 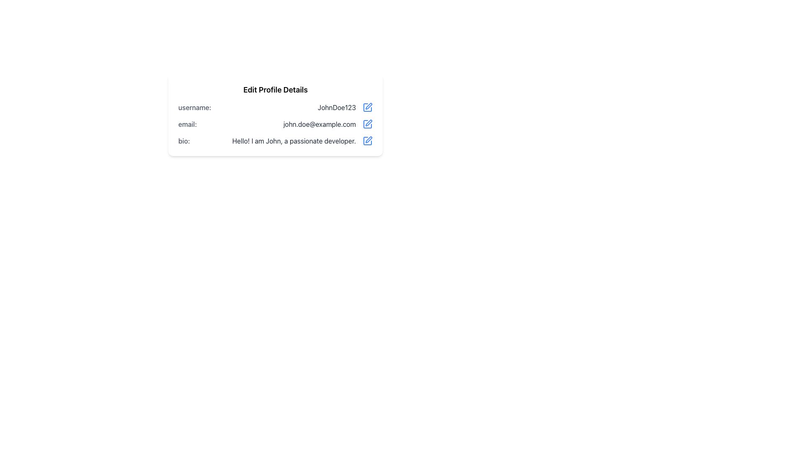 What do you see at coordinates (275, 124) in the screenshot?
I see `the email field in the profile information display panel, which is located below the 'Edit Profile Details' title` at bounding box center [275, 124].